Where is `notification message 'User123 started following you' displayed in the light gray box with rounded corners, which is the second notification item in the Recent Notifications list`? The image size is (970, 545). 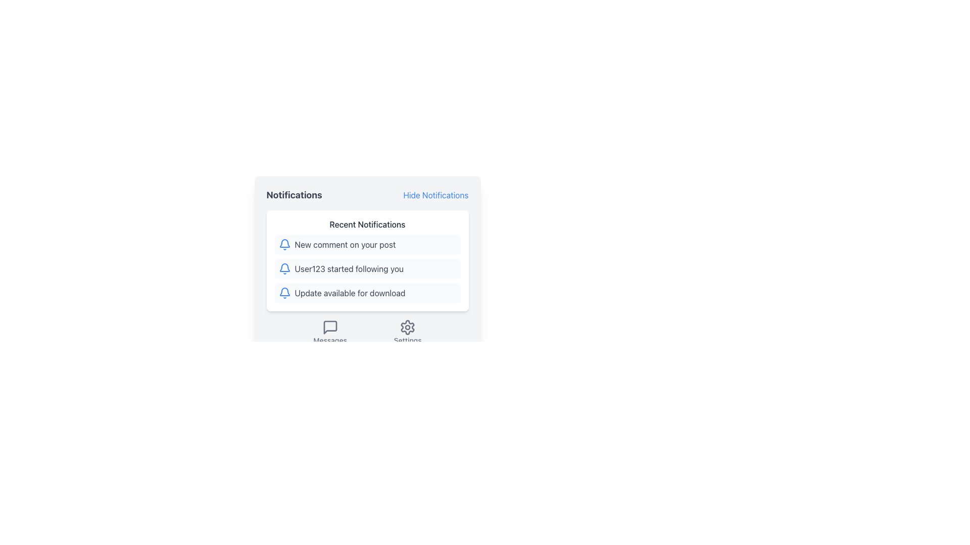
notification message 'User123 started following you' displayed in the light gray box with rounded corners, which is the second notification item in the Recent Notifications list is located at coordinates (367, 268).